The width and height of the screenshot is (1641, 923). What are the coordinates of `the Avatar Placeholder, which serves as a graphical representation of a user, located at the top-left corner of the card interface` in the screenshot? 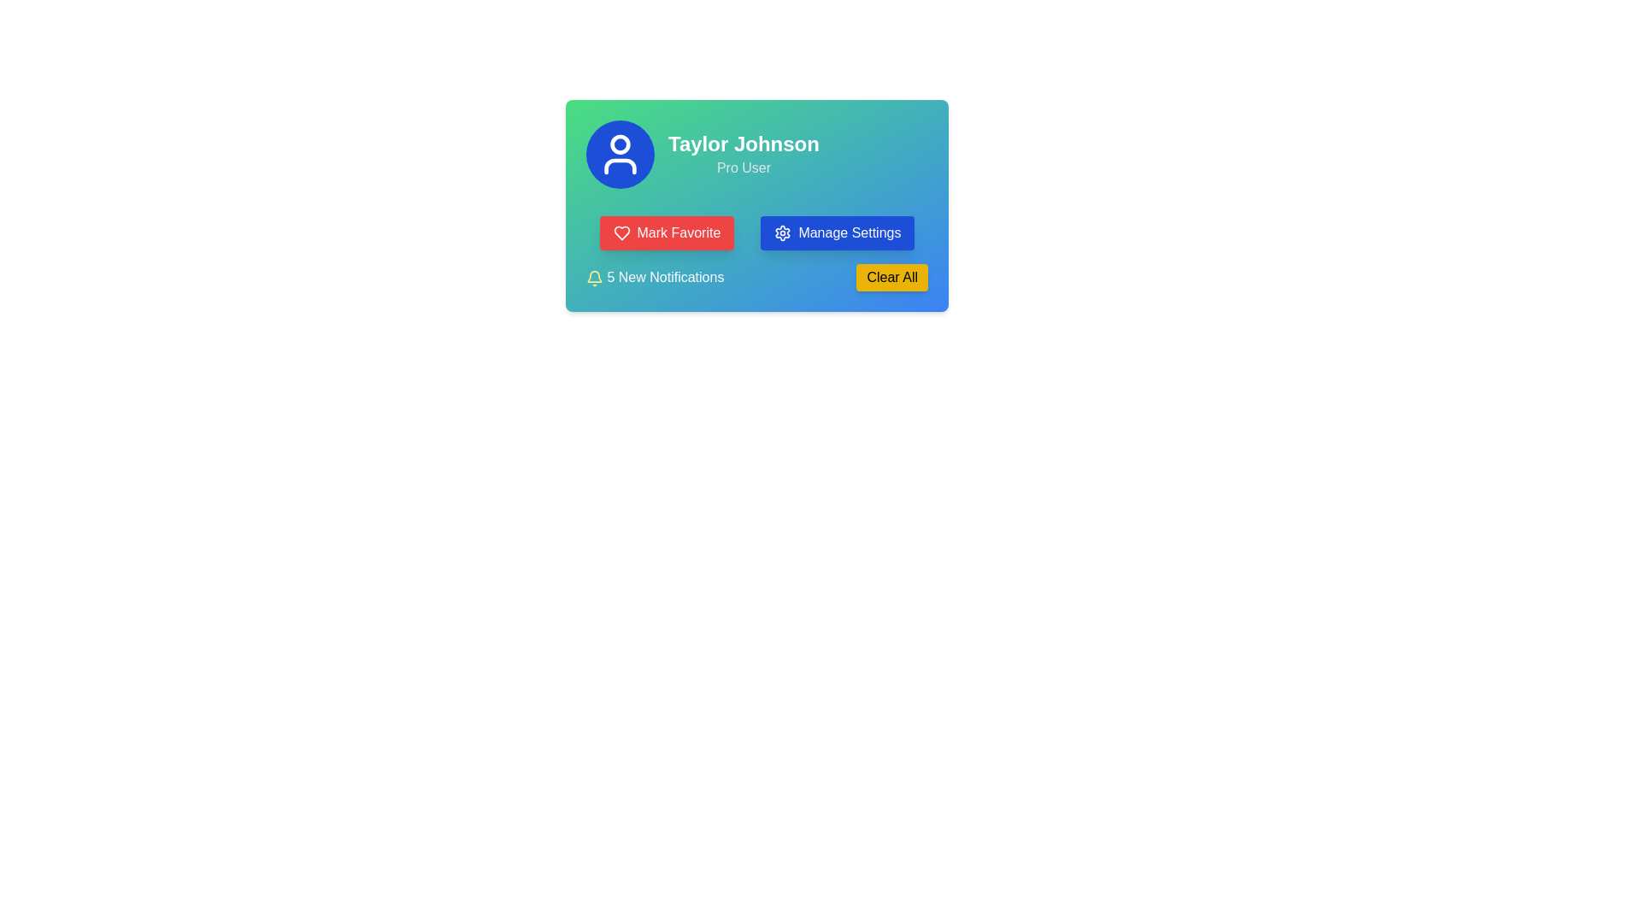 It's located at (619, 144).